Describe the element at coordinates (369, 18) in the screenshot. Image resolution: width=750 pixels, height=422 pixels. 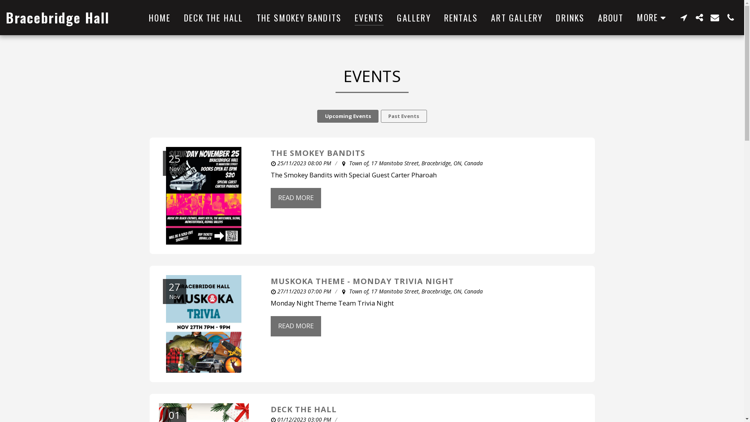
I see `'EVENTS'` at that location.